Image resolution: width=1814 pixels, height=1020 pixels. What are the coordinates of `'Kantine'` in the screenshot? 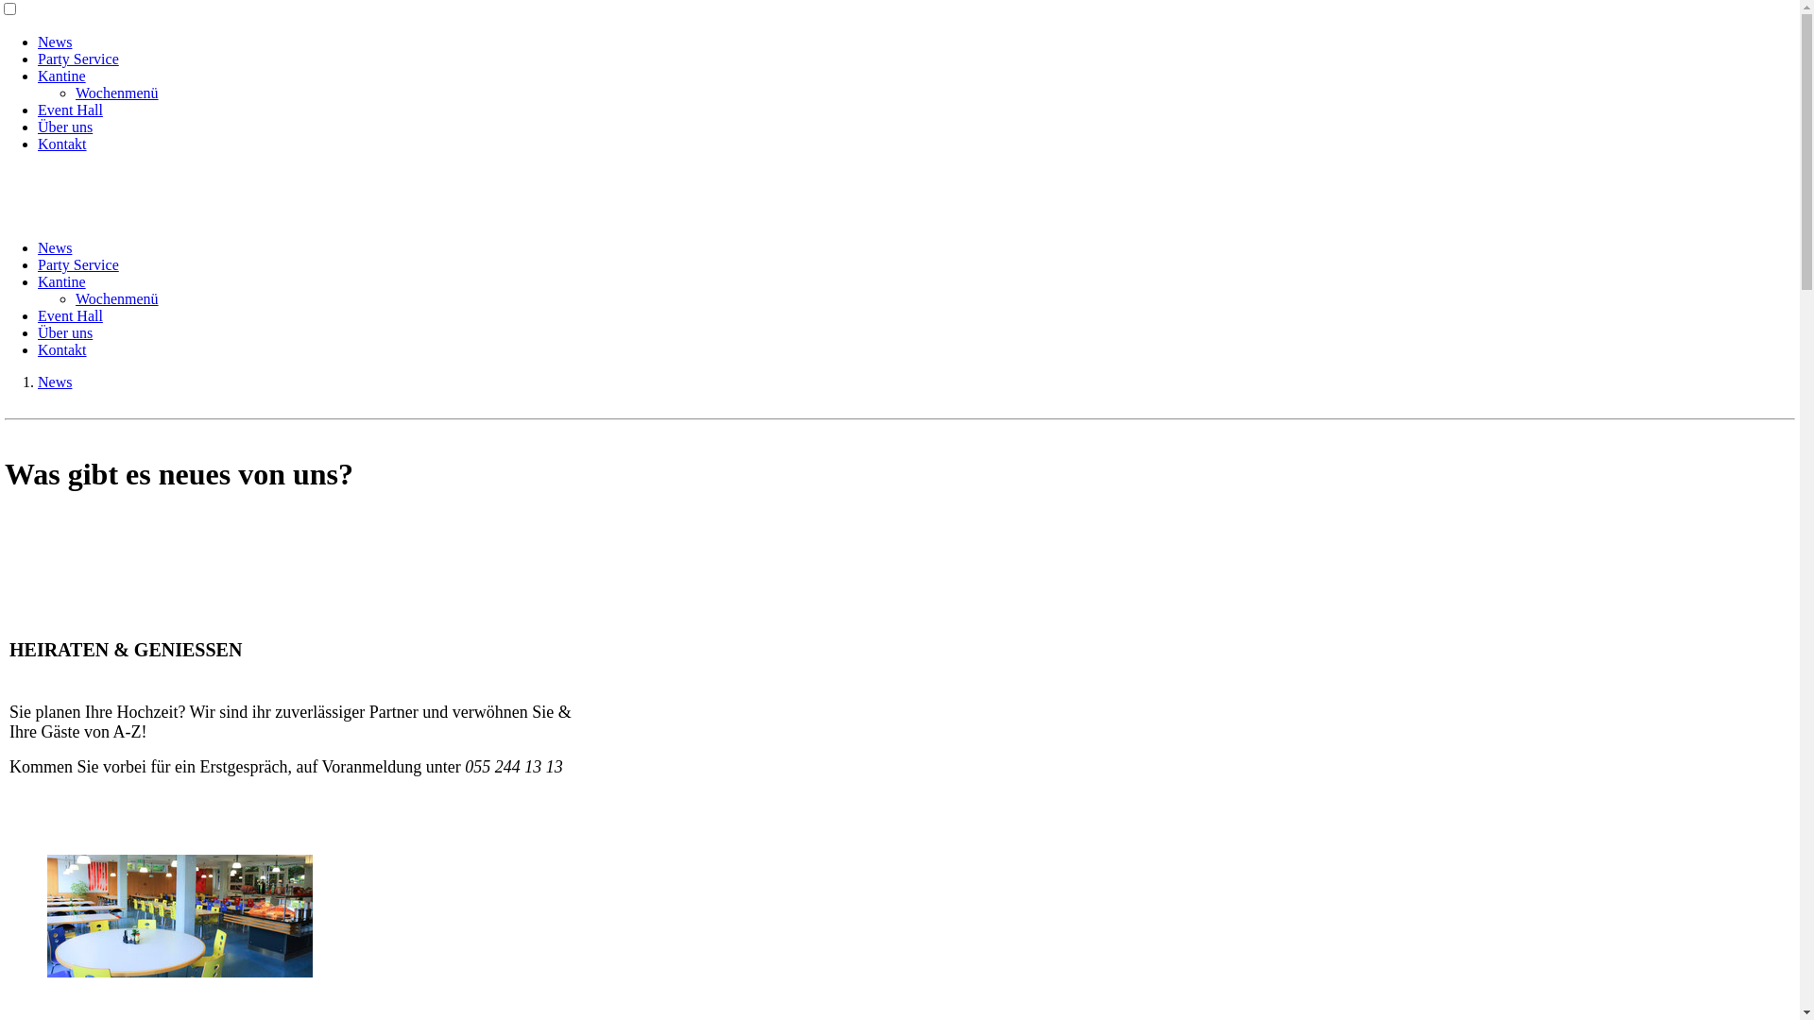 It's located at (61, 75).